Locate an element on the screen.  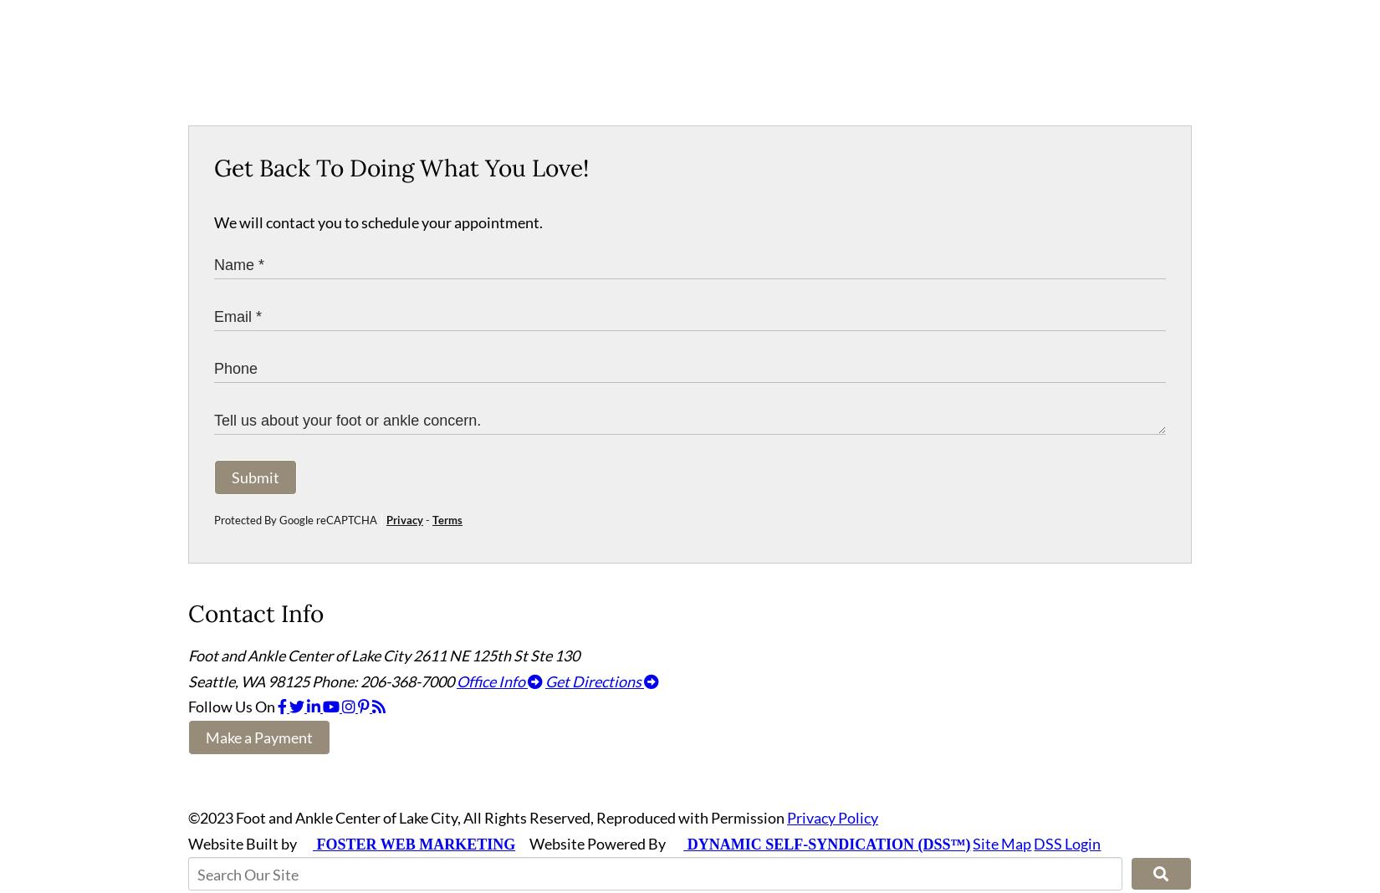
'98125' is located at coordinates (289, 687).